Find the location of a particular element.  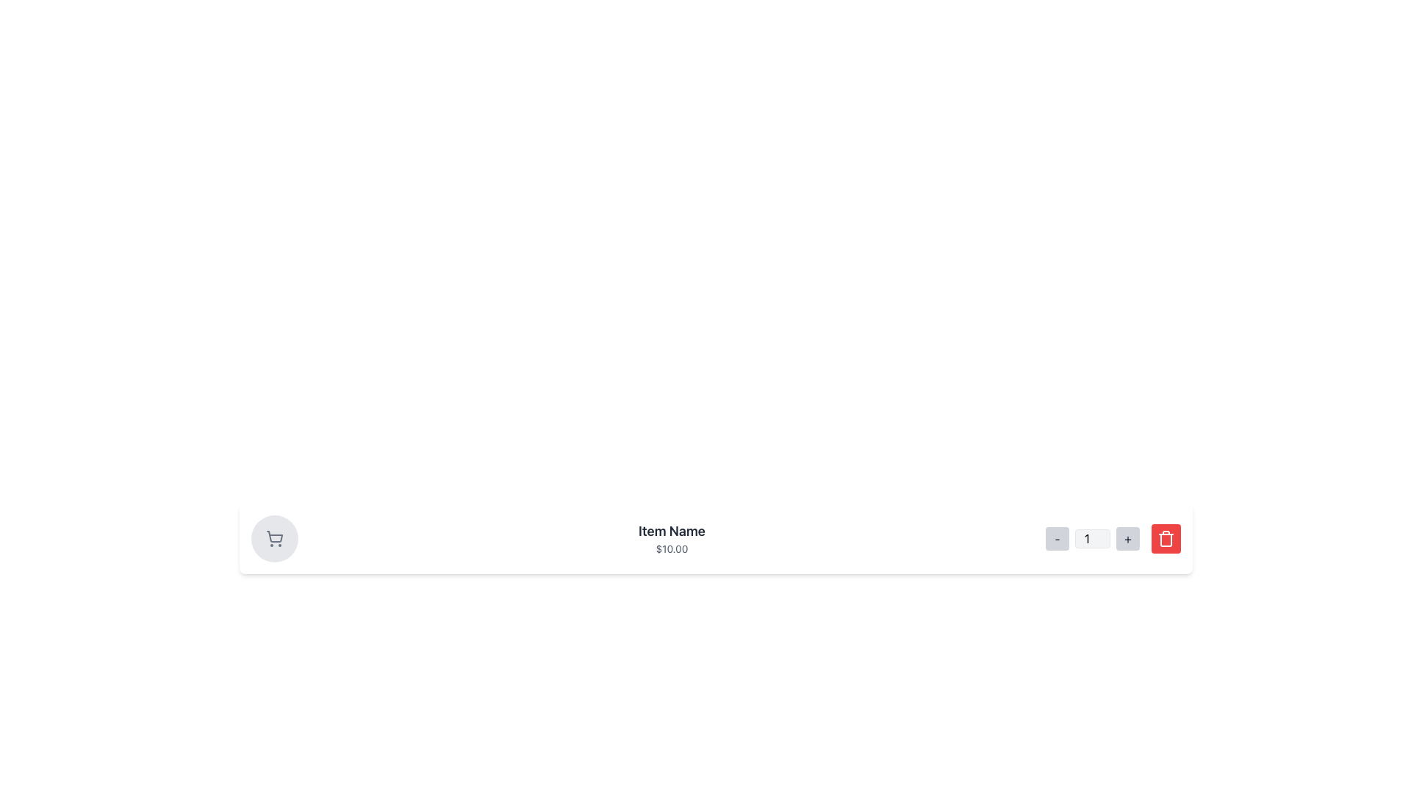

the Text display component that shows 'Item Name' and '$10.00', located between a circular icon and quantity adjustment buttons is located at coordinates (671, 538).